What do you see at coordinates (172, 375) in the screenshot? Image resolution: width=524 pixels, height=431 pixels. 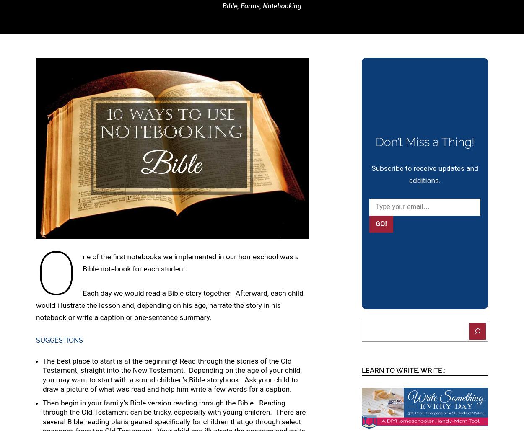 I see `'The best place to start is at the beginning! Read through the stories of the Old Testament, straight into the New Testament.  Depending on the age of your child, you may want to start with a sound children’s Bible storybook.  Ask your child to draw a picture of what was read and help him write a few words for a caption.'` at bounding box center [172, 375].